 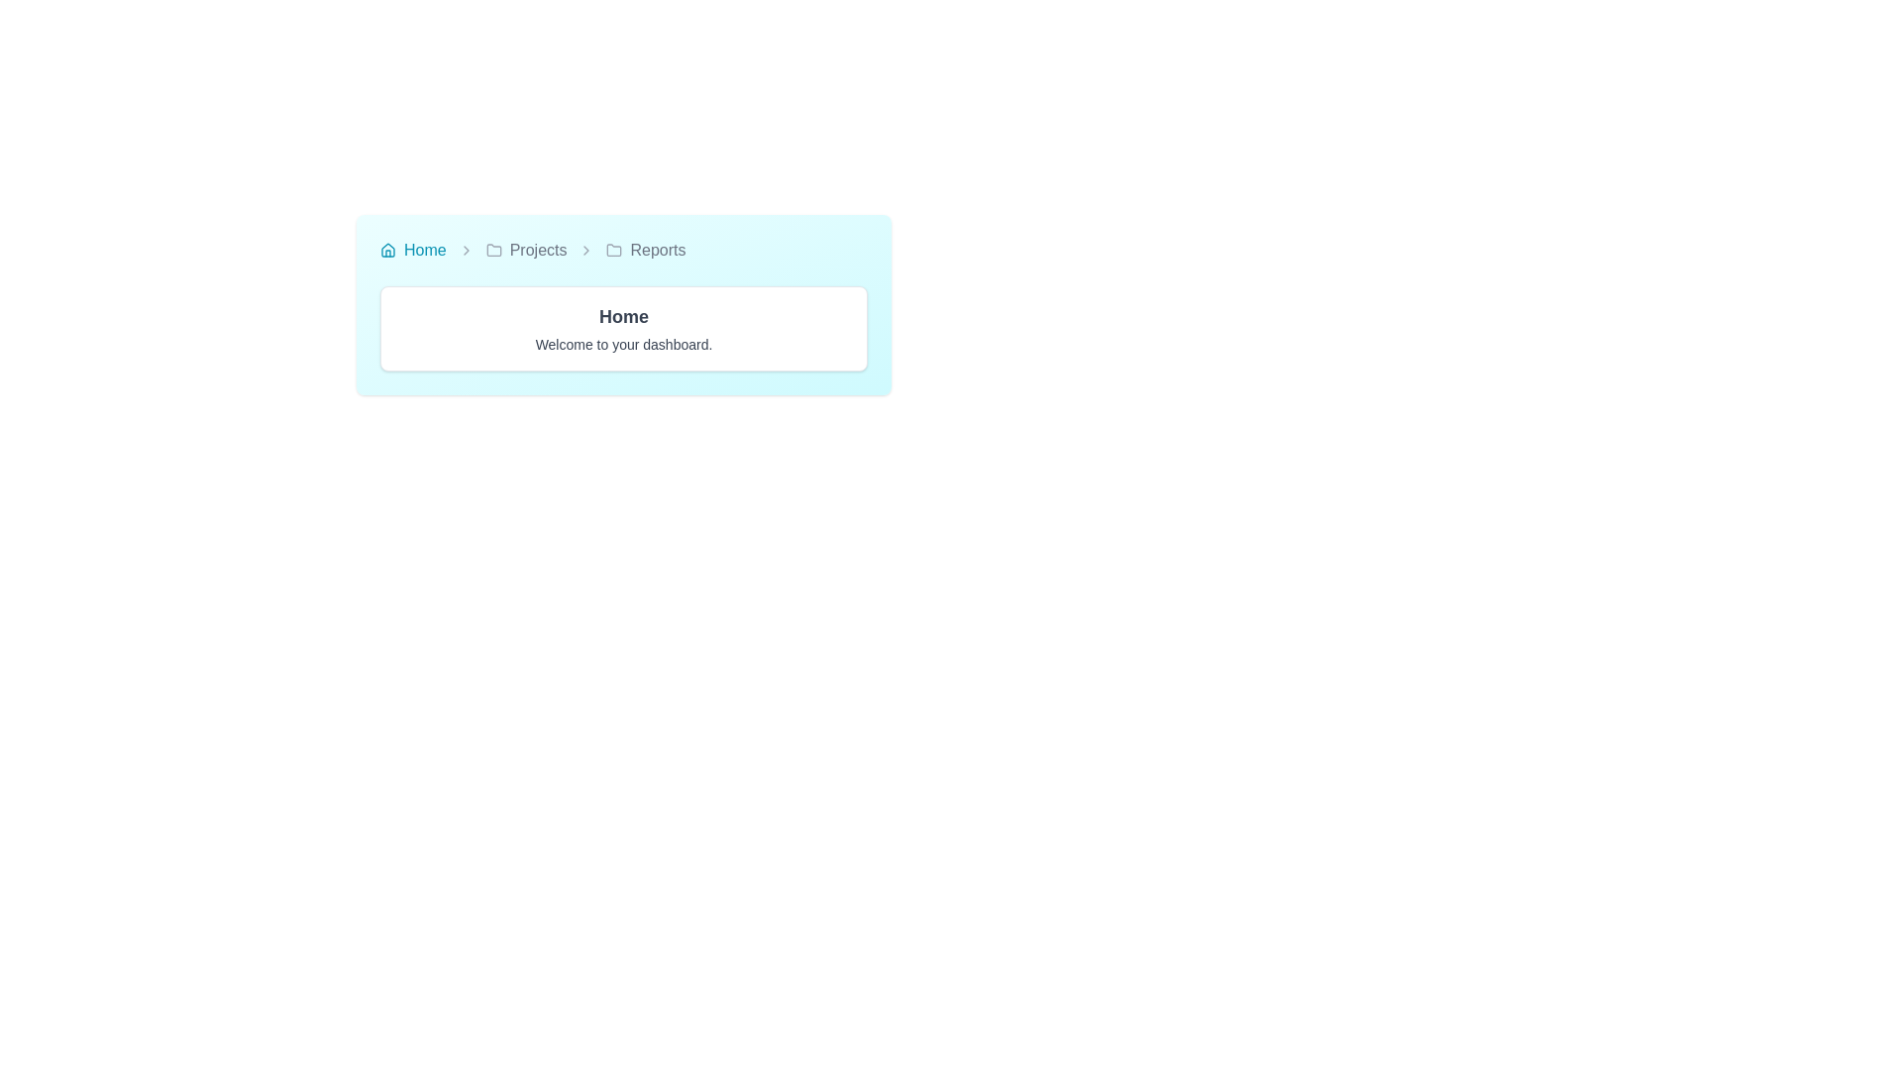 I want to click on the 'Home' text link, which is a cyan-blue colored link in the breadcrumb navigation bar, positioned next to a house icon, so click(x=424, y=250).